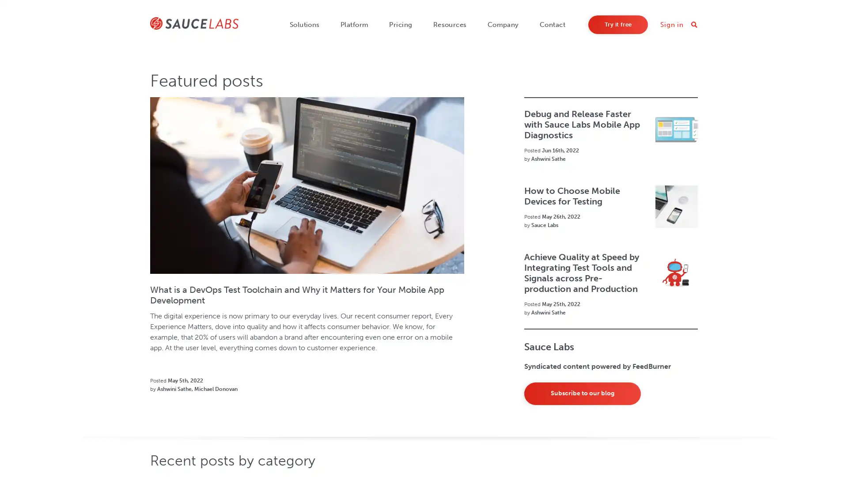 The height and width of the screenshot is (477, 848). Describe the element at coordinates (693, 24) in the screenshot. I see `search` at that location.